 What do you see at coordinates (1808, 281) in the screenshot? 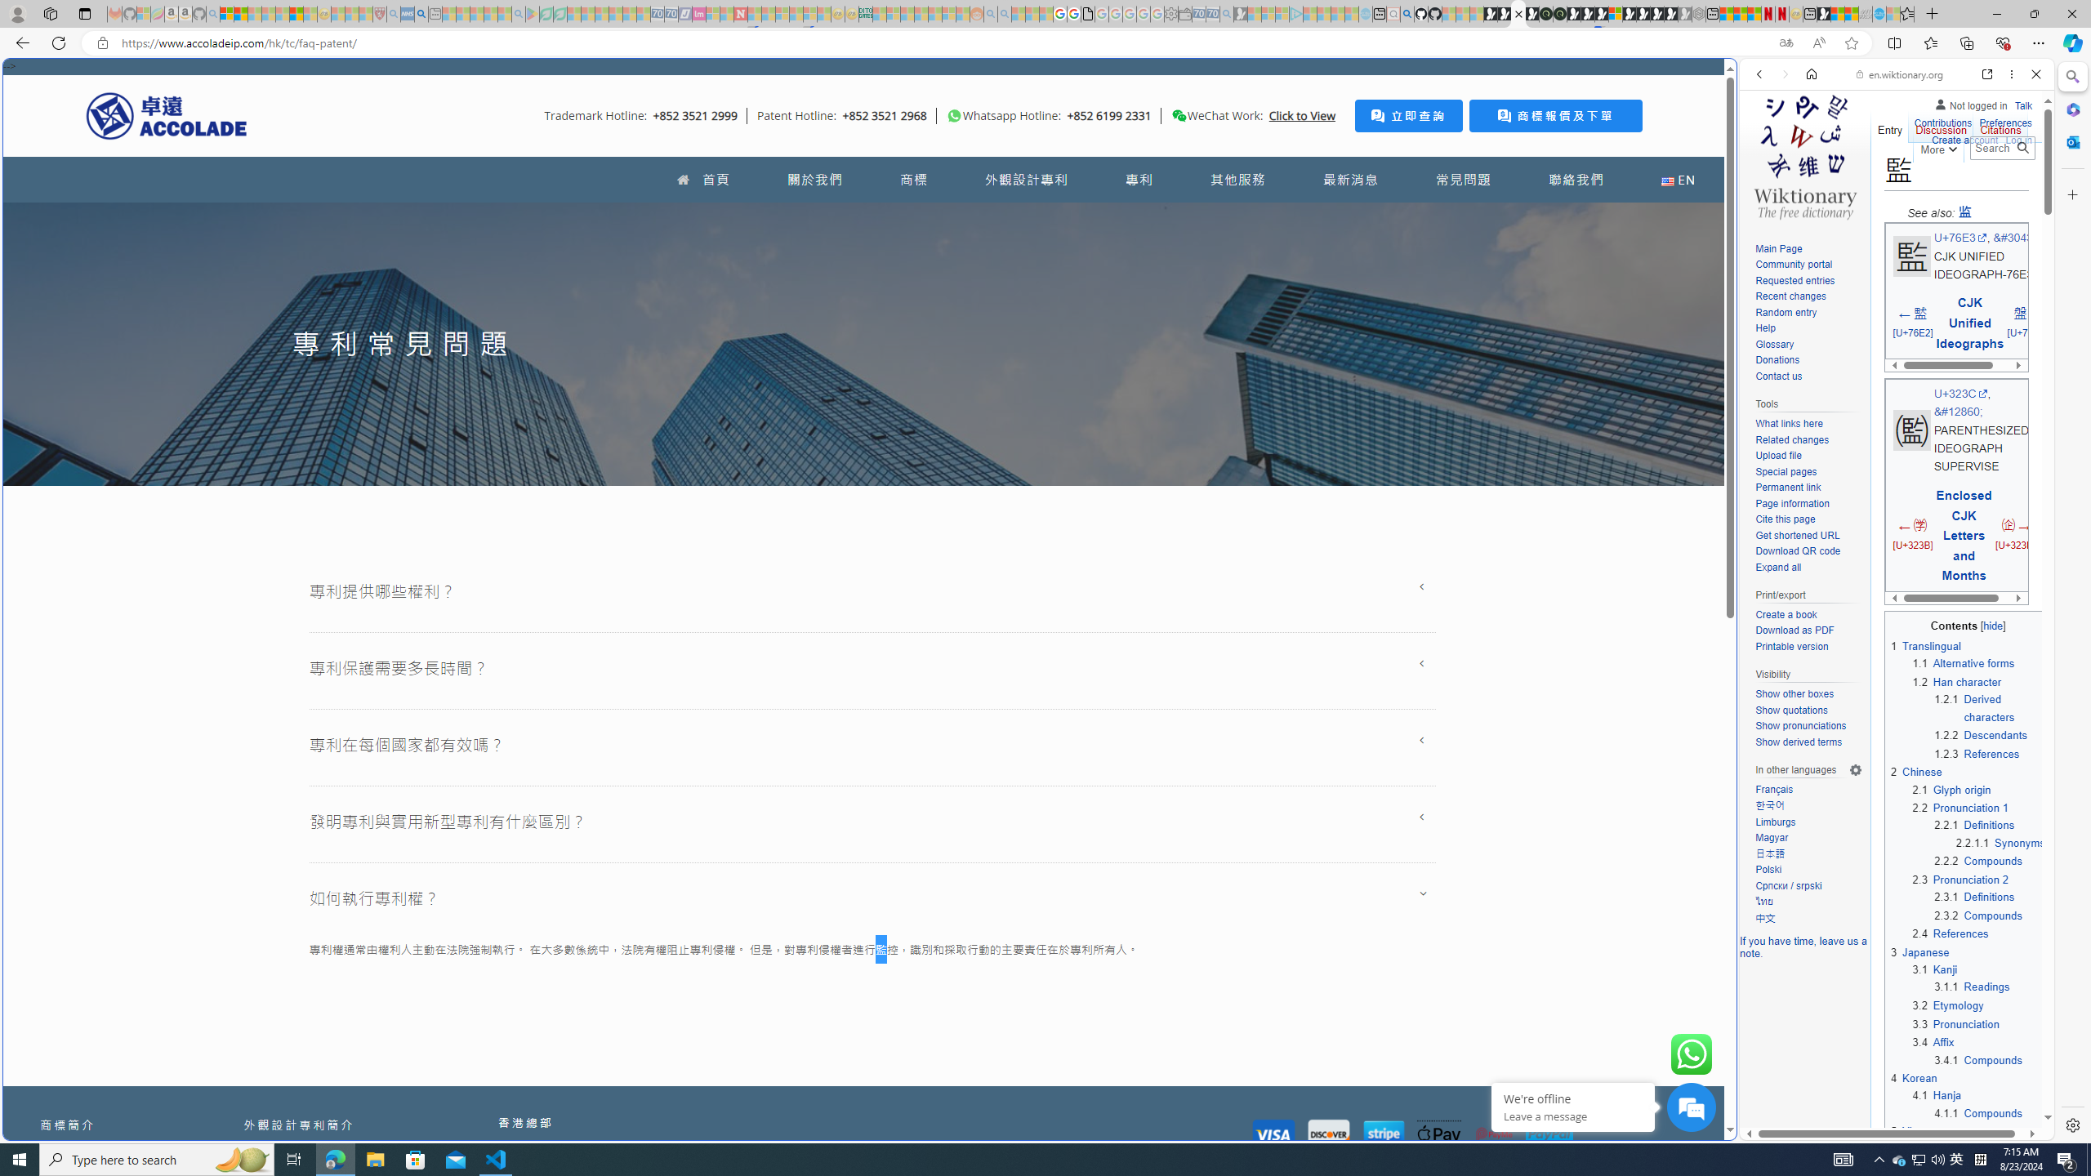
I see `'Requested entries'` at bounding box center [1808, 281].